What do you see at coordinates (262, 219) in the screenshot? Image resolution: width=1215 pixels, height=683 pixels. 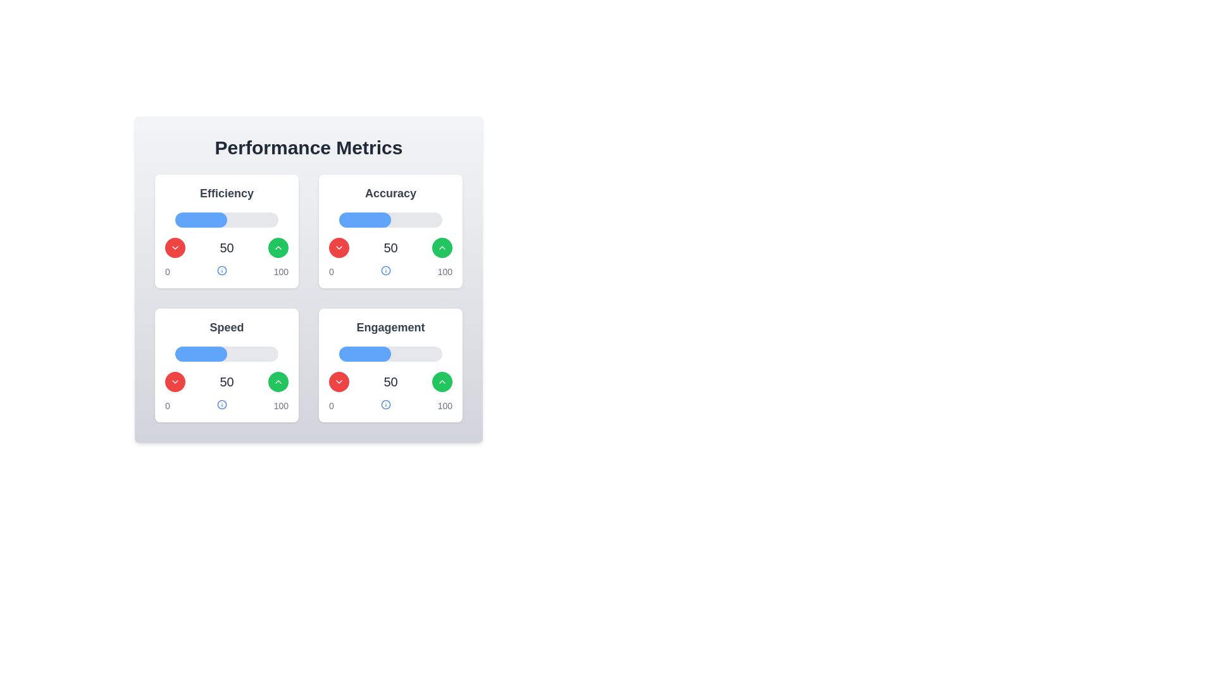 I see `the efficiency value` at bounding box center [262, 219].